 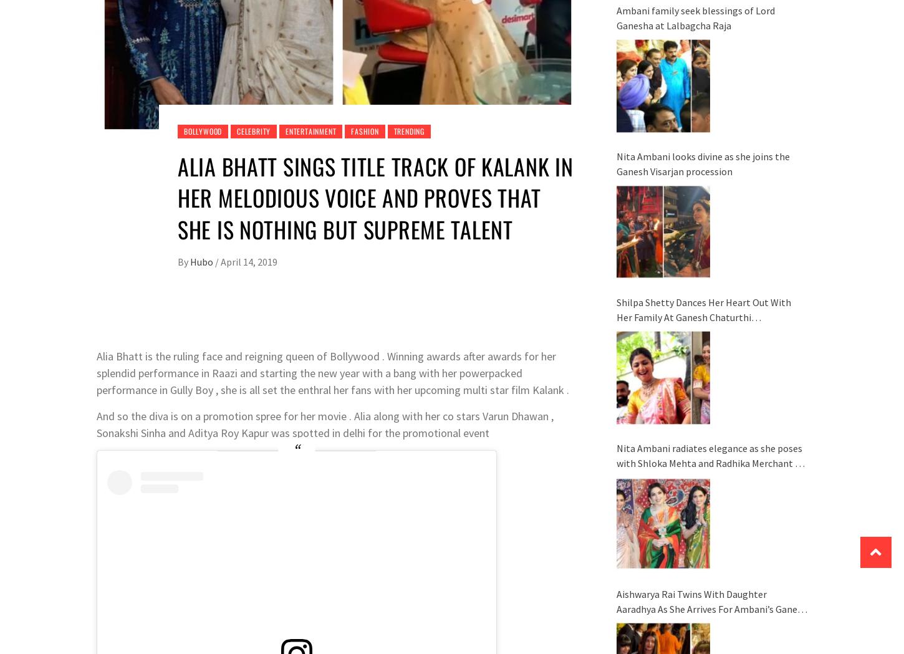 I want to click on '/', so click(x=217, y=260).